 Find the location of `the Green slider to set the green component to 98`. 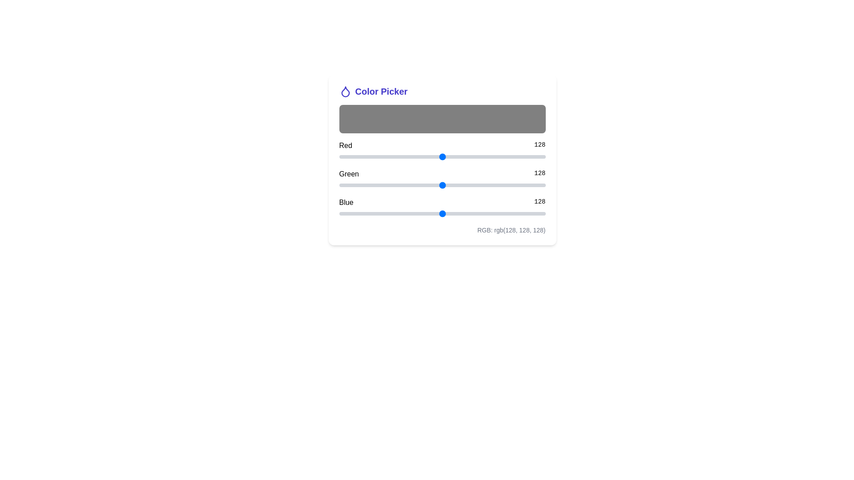

the Green slider to set the green component to 98 is located at coordinates (418, 184).